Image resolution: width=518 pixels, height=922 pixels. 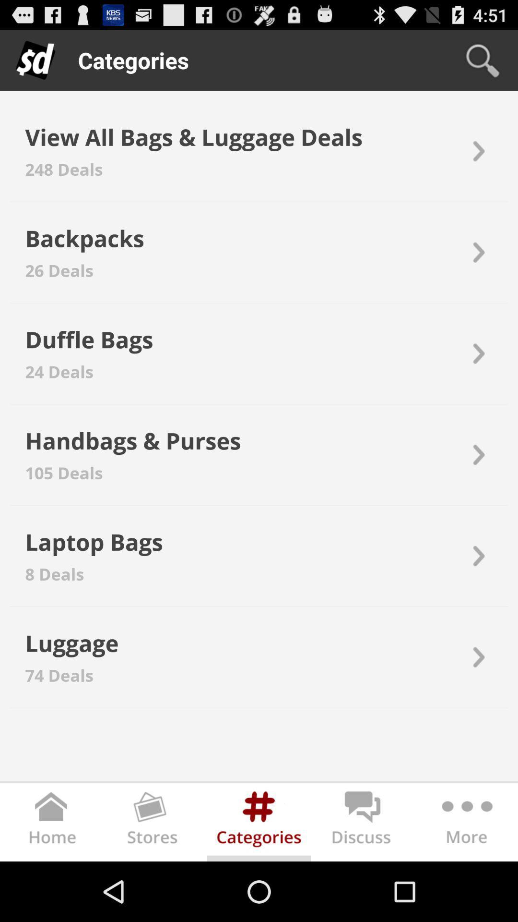 I want to click on open the discuss tab, so click(x=363, y=824).